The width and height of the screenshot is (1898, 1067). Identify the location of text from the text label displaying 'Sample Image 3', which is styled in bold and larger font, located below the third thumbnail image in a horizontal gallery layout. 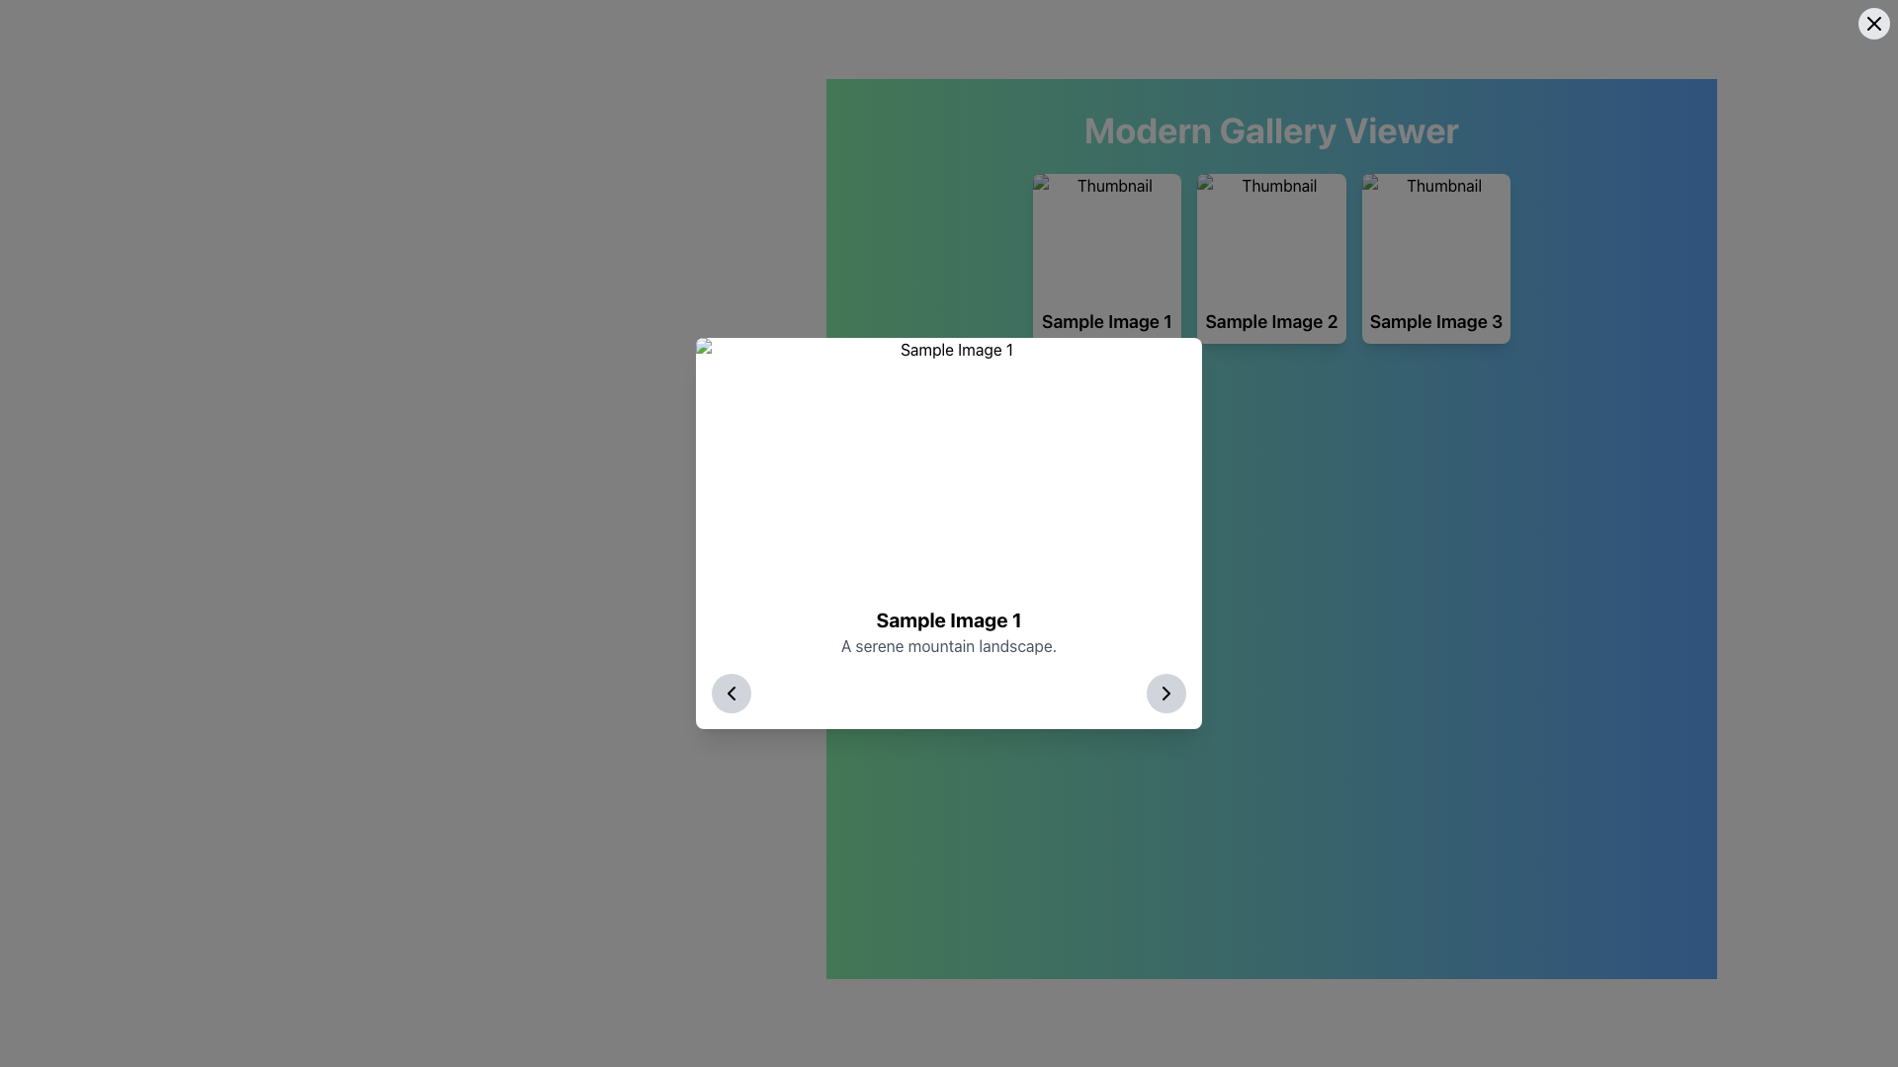
(1436, 321).